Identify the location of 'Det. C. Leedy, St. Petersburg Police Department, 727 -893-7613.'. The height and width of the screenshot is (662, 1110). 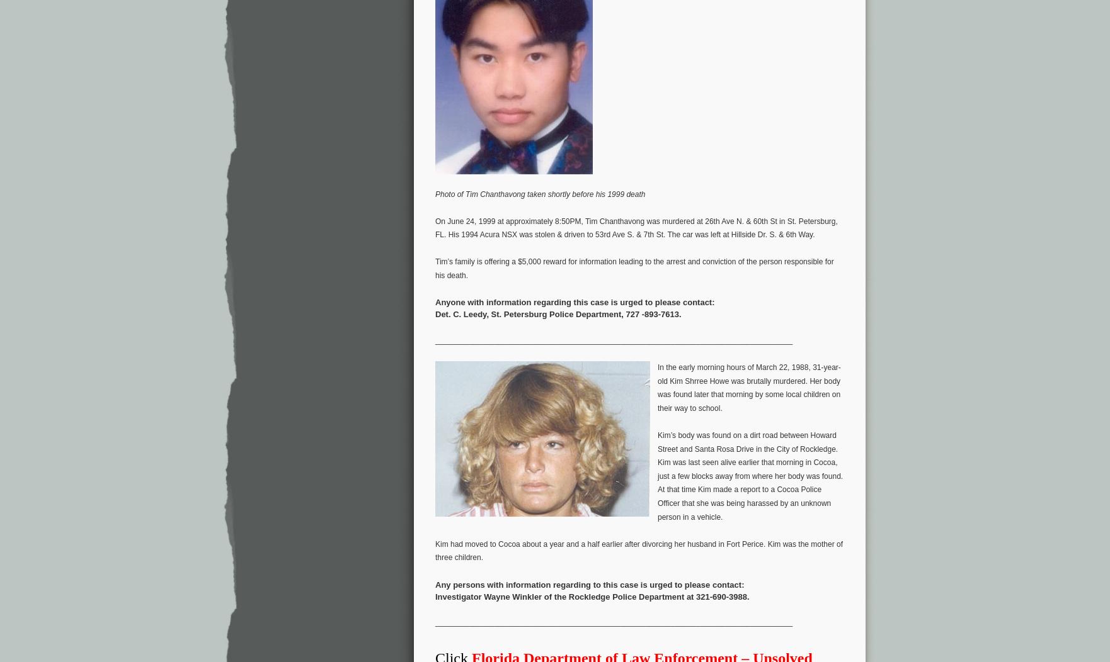
(558, 313).